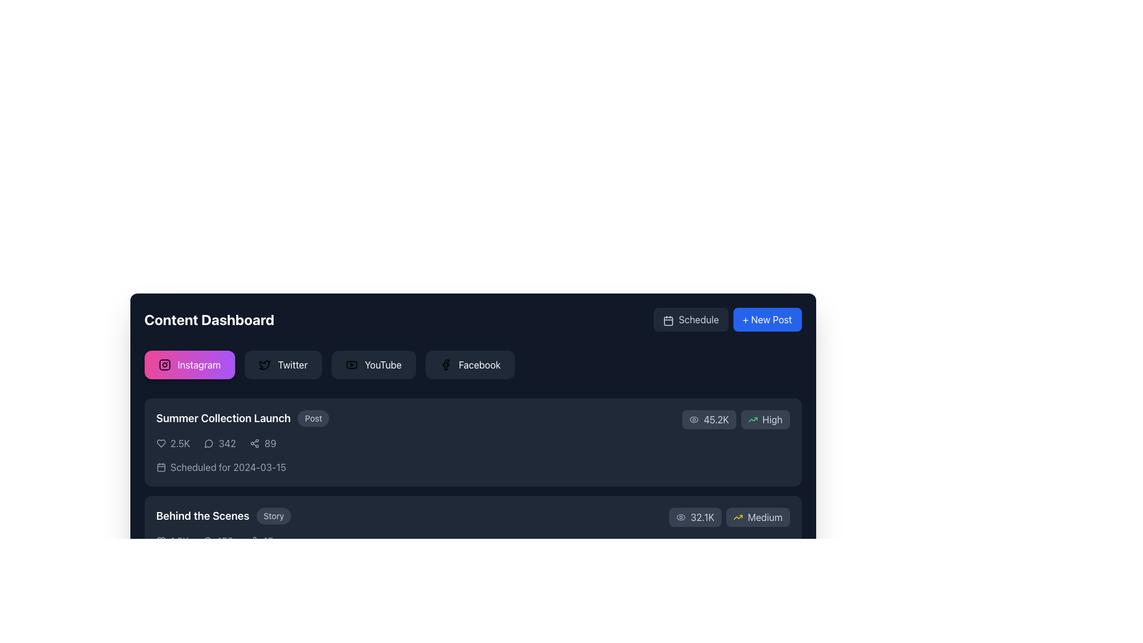 The image size is (1143, 643). I want to click on the Statistical counter with an eye icon located towards the bottom-right corner of the content section to interact or view details, so click(695, 516).